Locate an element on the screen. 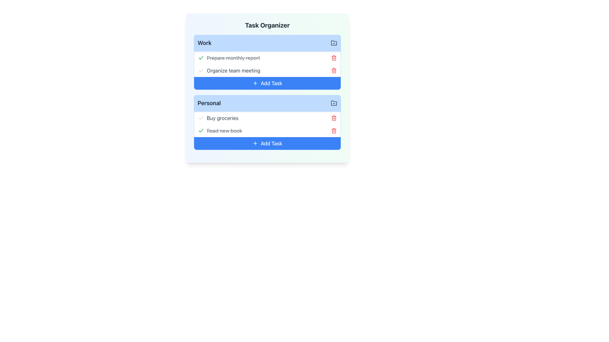 Image resolution: width=609 pixels, height=342 pixels. the button located at the bottom of the 'Personal' section in the task organizer is located at coordinates (267, 143).